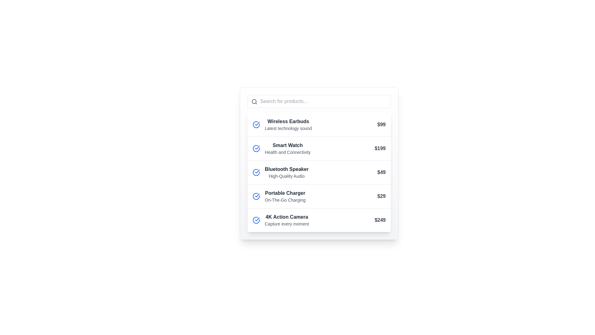 The image size is (595, 335). I want to click on the price tag displaying '$49' in bold, gray text, located to the right edge of the 'Bluetooth Speaker' product's details, so click(381, 172).